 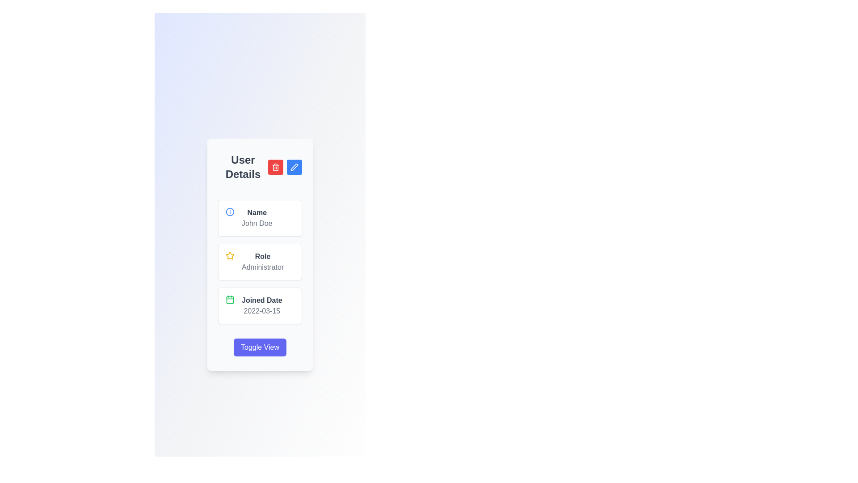 I want to click on the edit icon within the blue square button located in the top right corner of the card, so click(x=294, y=167).